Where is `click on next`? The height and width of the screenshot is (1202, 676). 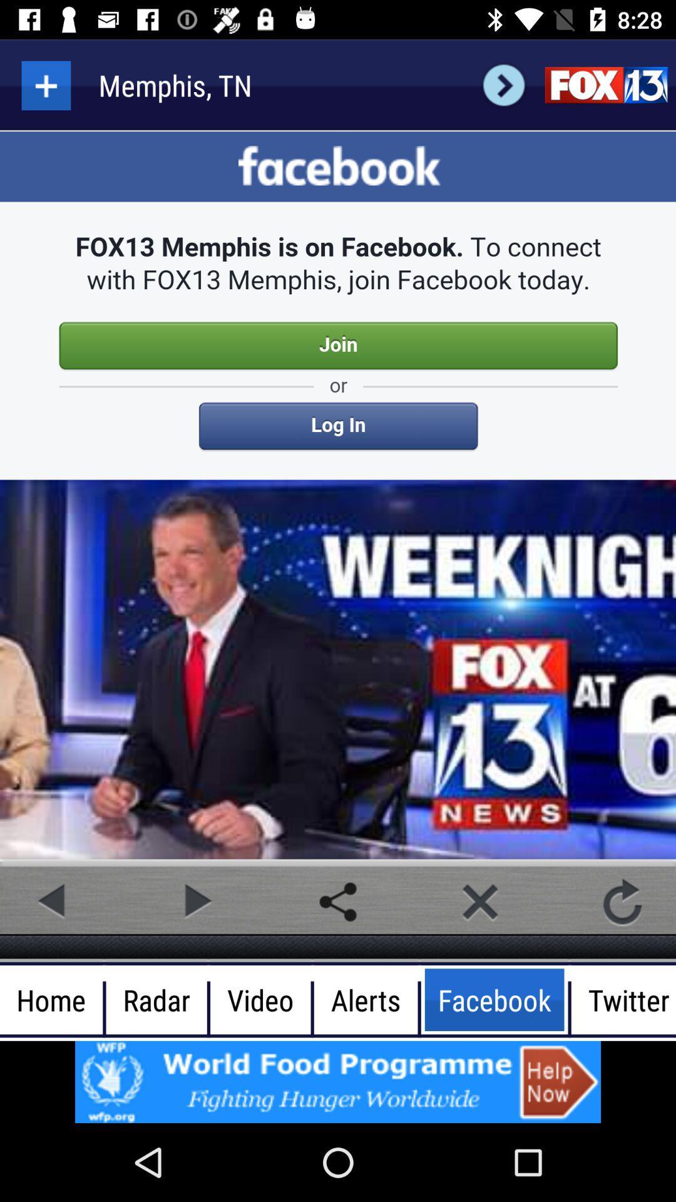
click on next is located at coordinates (503, 85).